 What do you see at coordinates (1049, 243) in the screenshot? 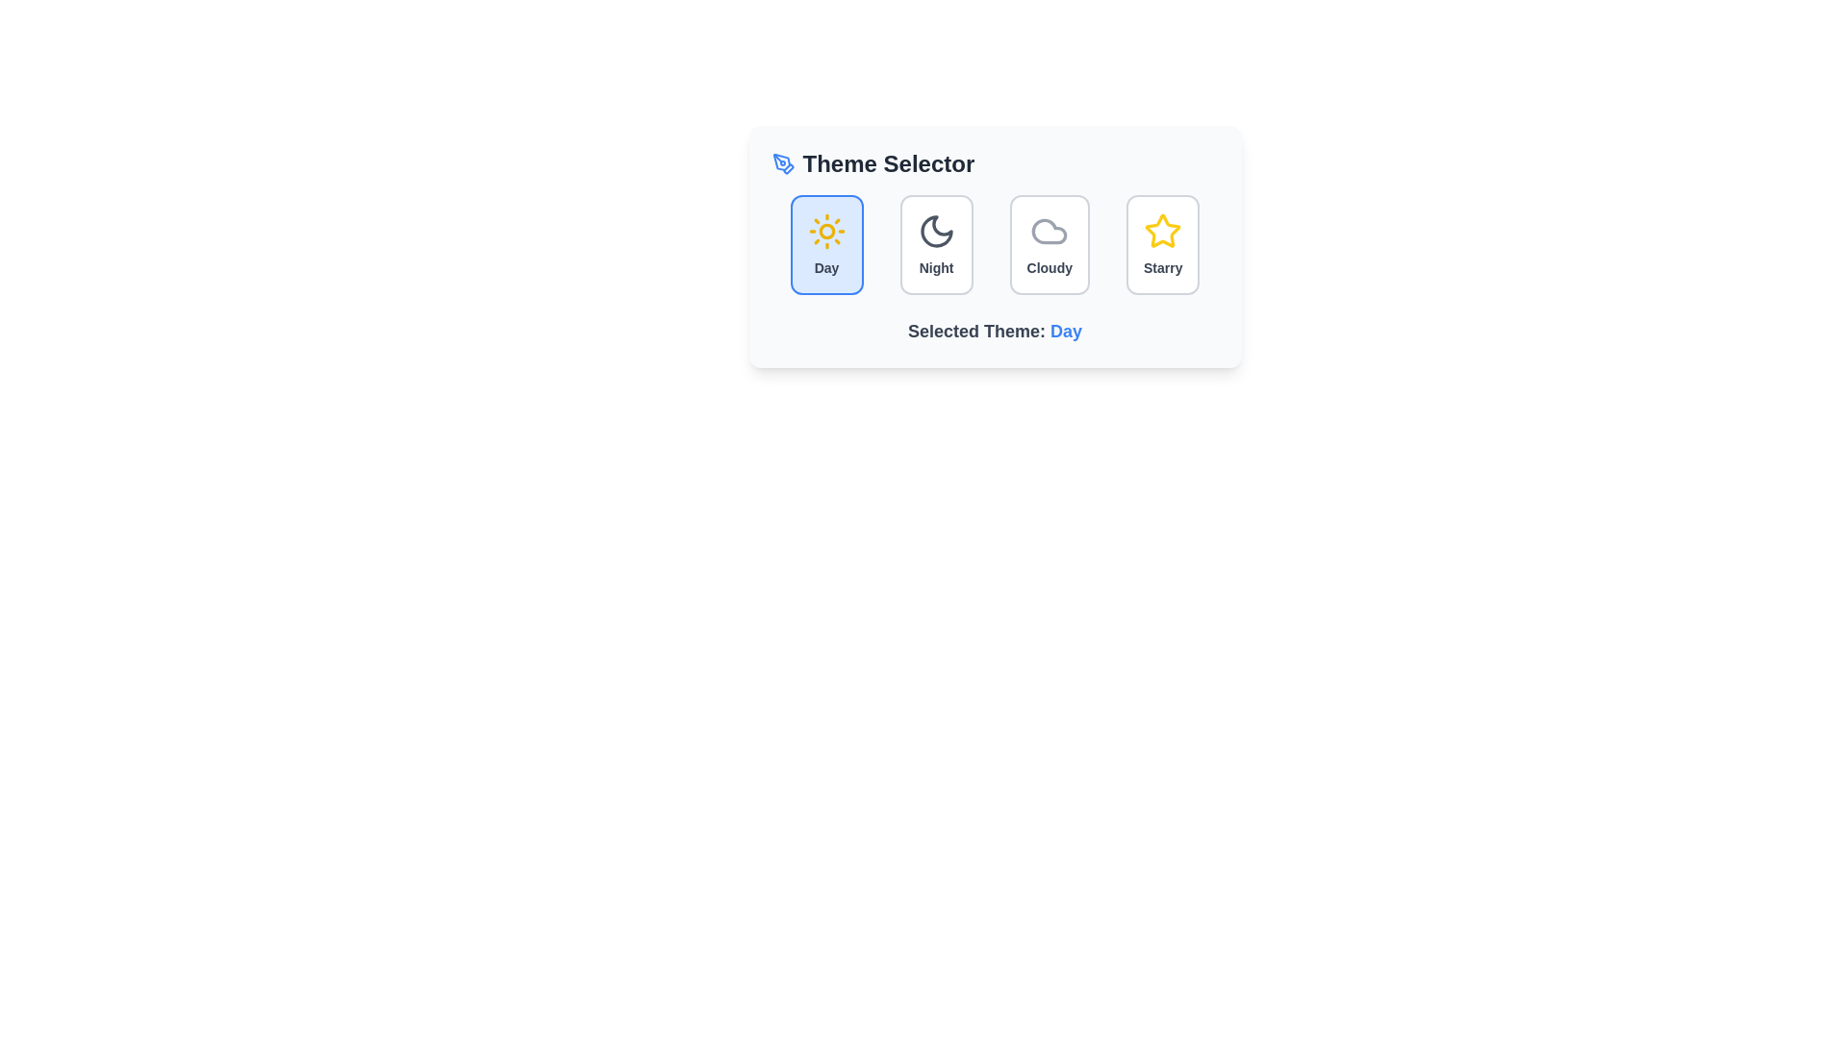
I see `the 'Cloudy' theme selection card, which is a rectangular card with a white background, featuring a gray cloud icon and the word 'Cloudy' in bold dark text, located in the 'Theme Selector'` at bounding box center [1049, 243].